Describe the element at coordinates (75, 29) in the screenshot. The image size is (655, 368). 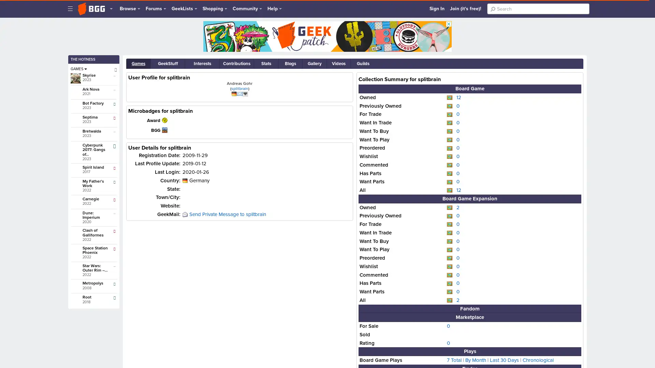
I see `Skip Sidebar` at that location.